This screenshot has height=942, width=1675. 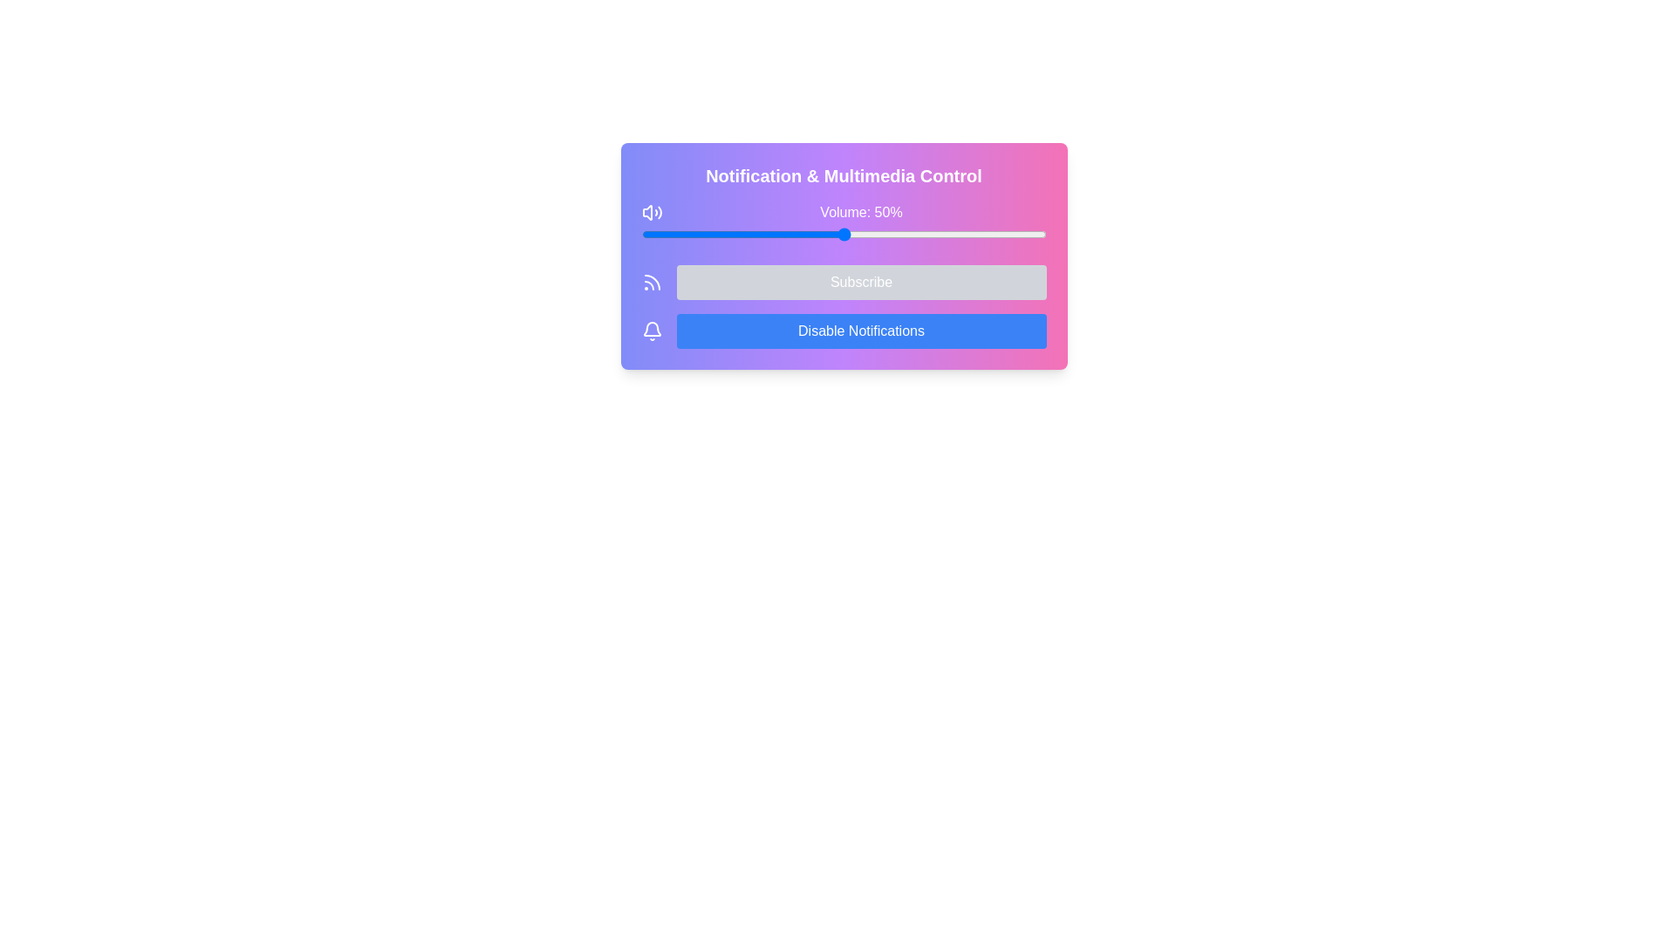 What do you see at coordinates (861, 331) in the screenshot?
I see `the 'Disable Notifications' button which is a rectangular button with white text on a solid blue background, located in the lower region of the 'Notification & Multimedia Control' card` at bounding box center [861, 331].